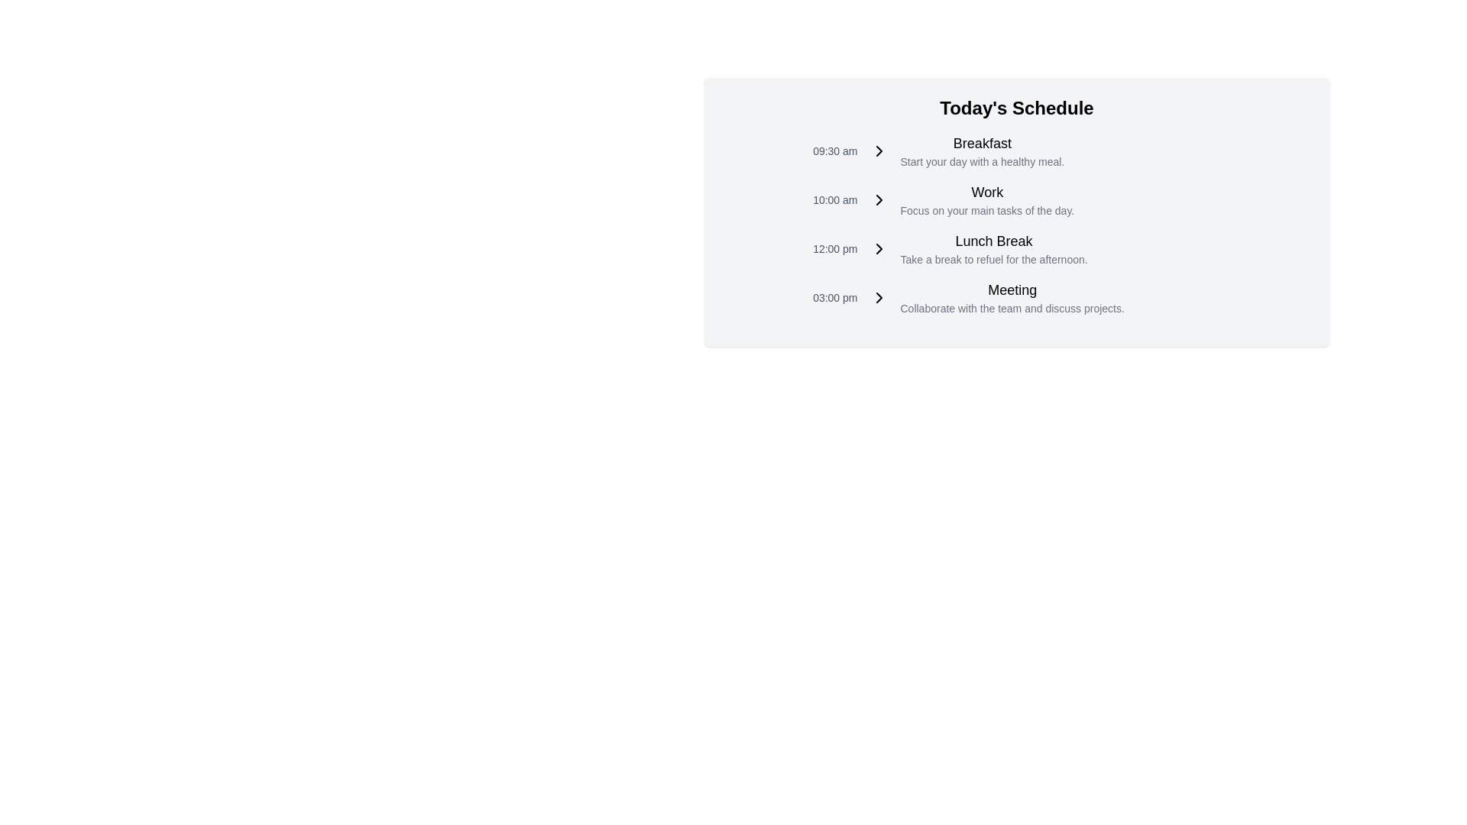  Describe the element at coordinates (1016, 297) in the screenshot. I see `the fourth list entry in 'Today's Schedule' that contains information about a meeting scheduled at 03:00 pm` at that location.